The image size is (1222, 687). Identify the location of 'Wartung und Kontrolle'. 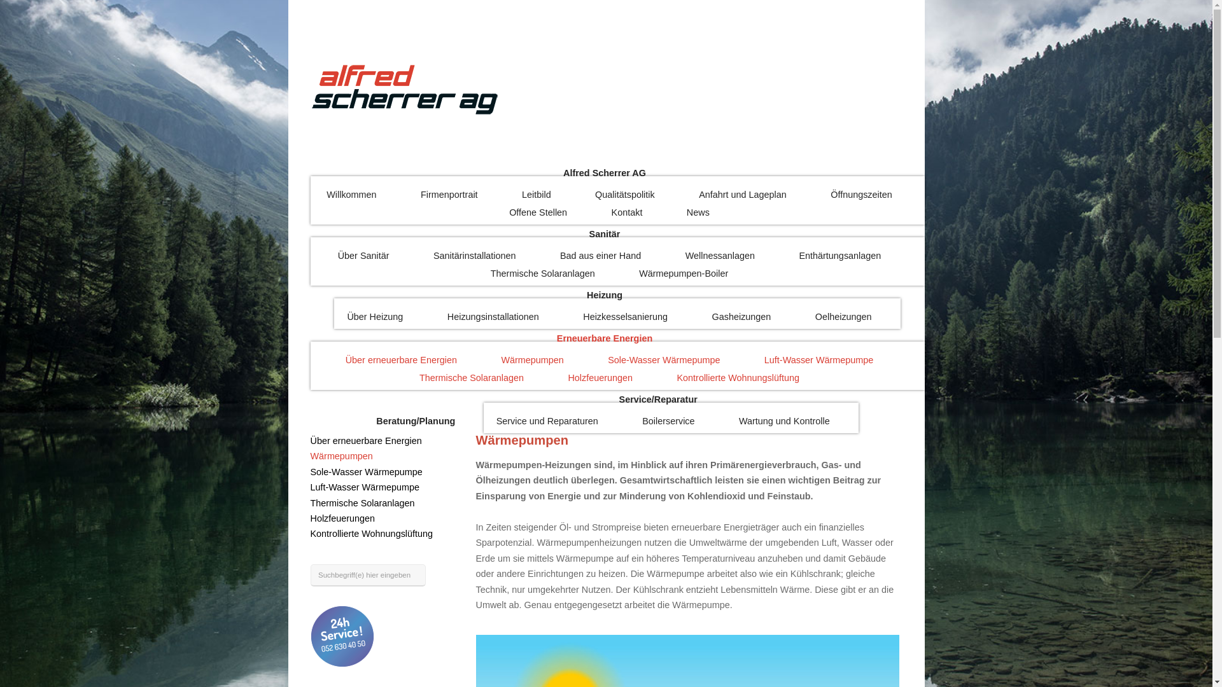
(783, 424).